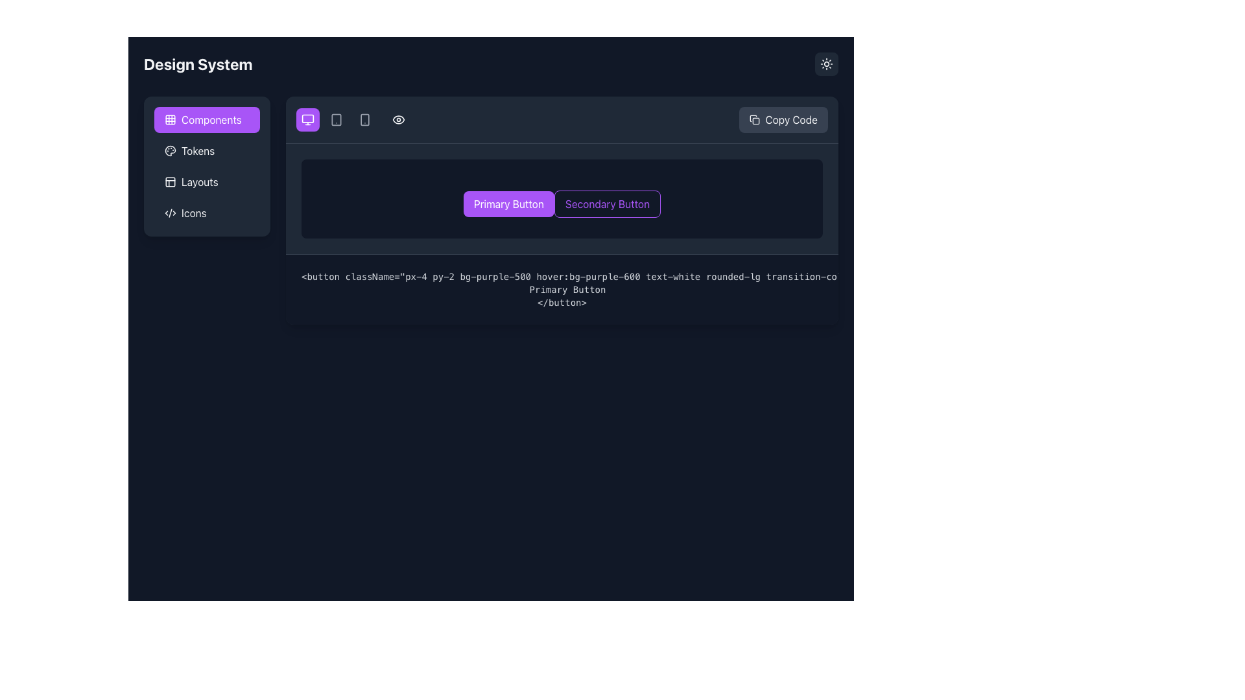 The image size is (1245, 700). Describe the element at coordinates (364, 120) in the screenshot. I see `the second icon from the left in the horizontal toolbar at the top center of the application interface to switch modes` at that location.